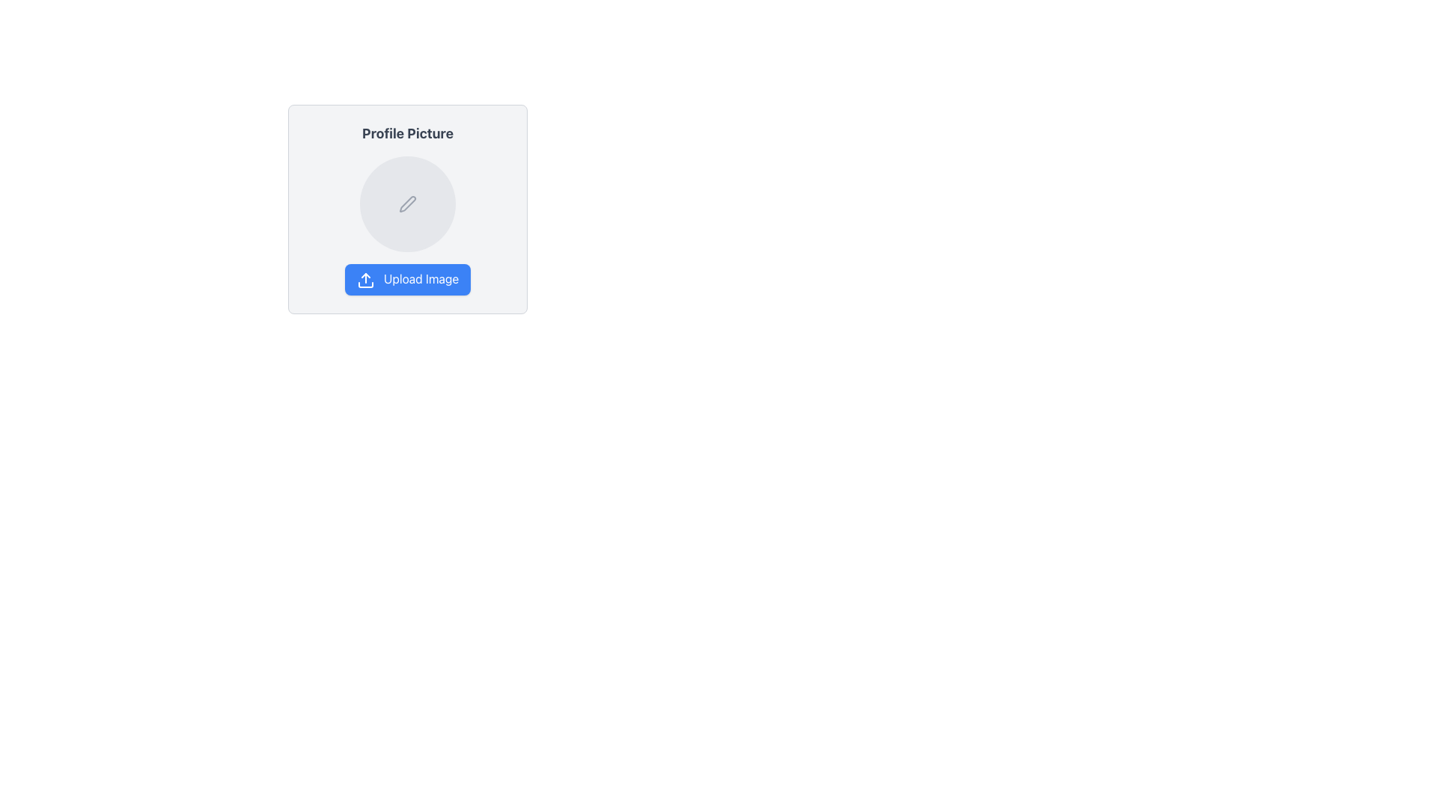 This screenshot has height=808, width=1437. I want to click on the image upload button located near the bottom center of the interface, so click(407, 279).